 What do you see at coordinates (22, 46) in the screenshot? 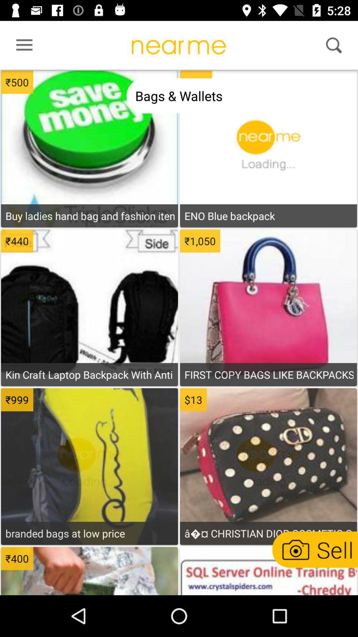
I see `the menu icon` at bounding box center [22, 46].